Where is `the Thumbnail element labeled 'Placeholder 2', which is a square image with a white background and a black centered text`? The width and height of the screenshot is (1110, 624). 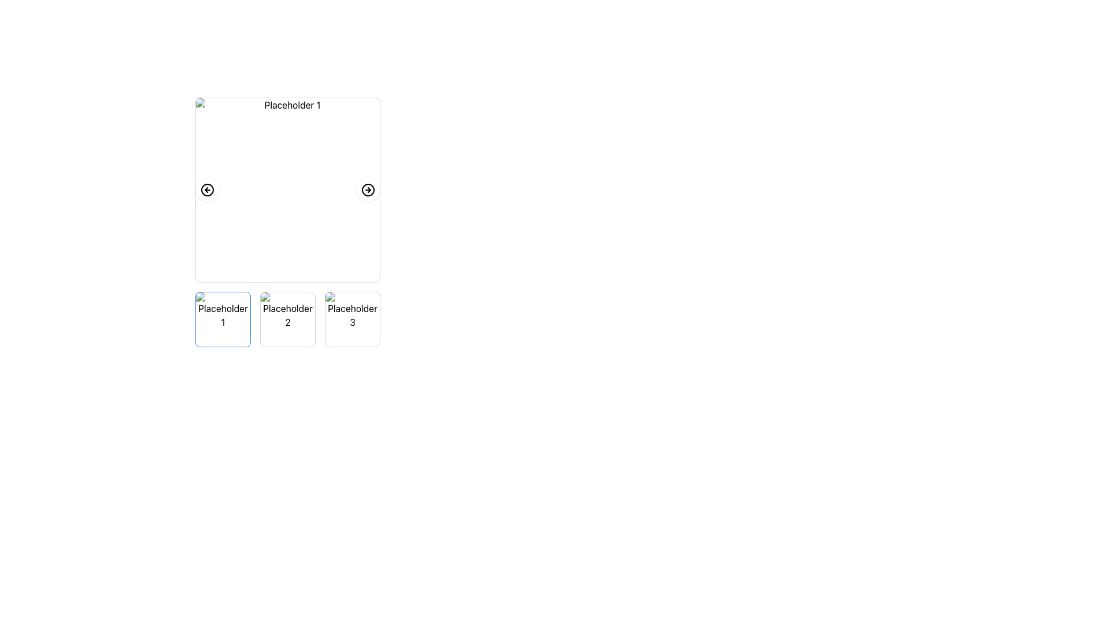 the Thumbnail element labeled 'Placeholder 2', which is a square image with a white background and a black centered text is located at coordinates (288, 319).